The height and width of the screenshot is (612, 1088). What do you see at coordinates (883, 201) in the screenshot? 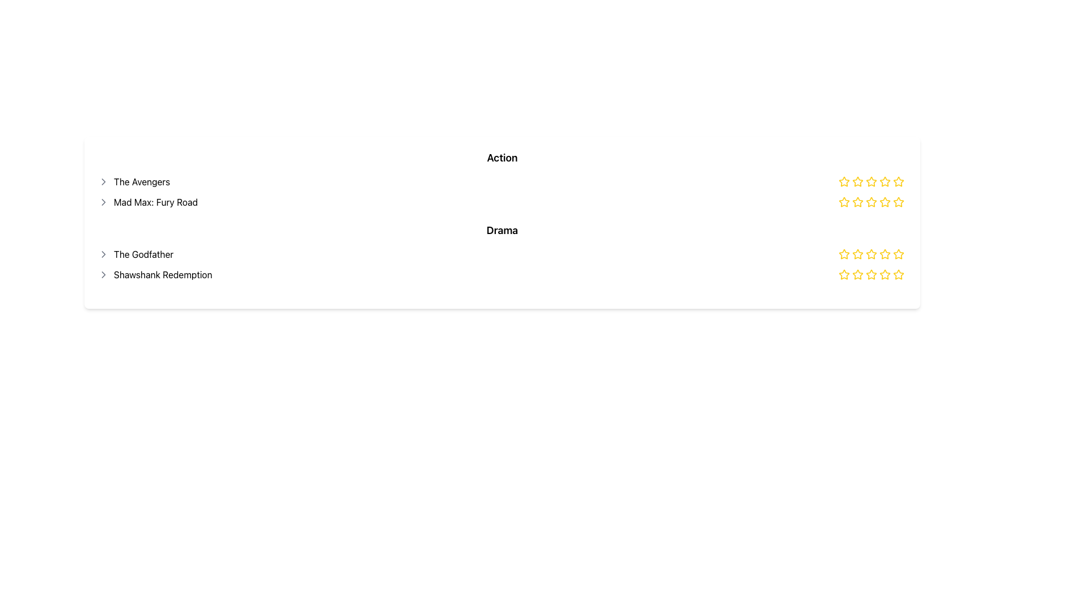
I see `the second star icon in the rating system for 'Mad Max: Fury Road'` at bounding box center [883, 201].